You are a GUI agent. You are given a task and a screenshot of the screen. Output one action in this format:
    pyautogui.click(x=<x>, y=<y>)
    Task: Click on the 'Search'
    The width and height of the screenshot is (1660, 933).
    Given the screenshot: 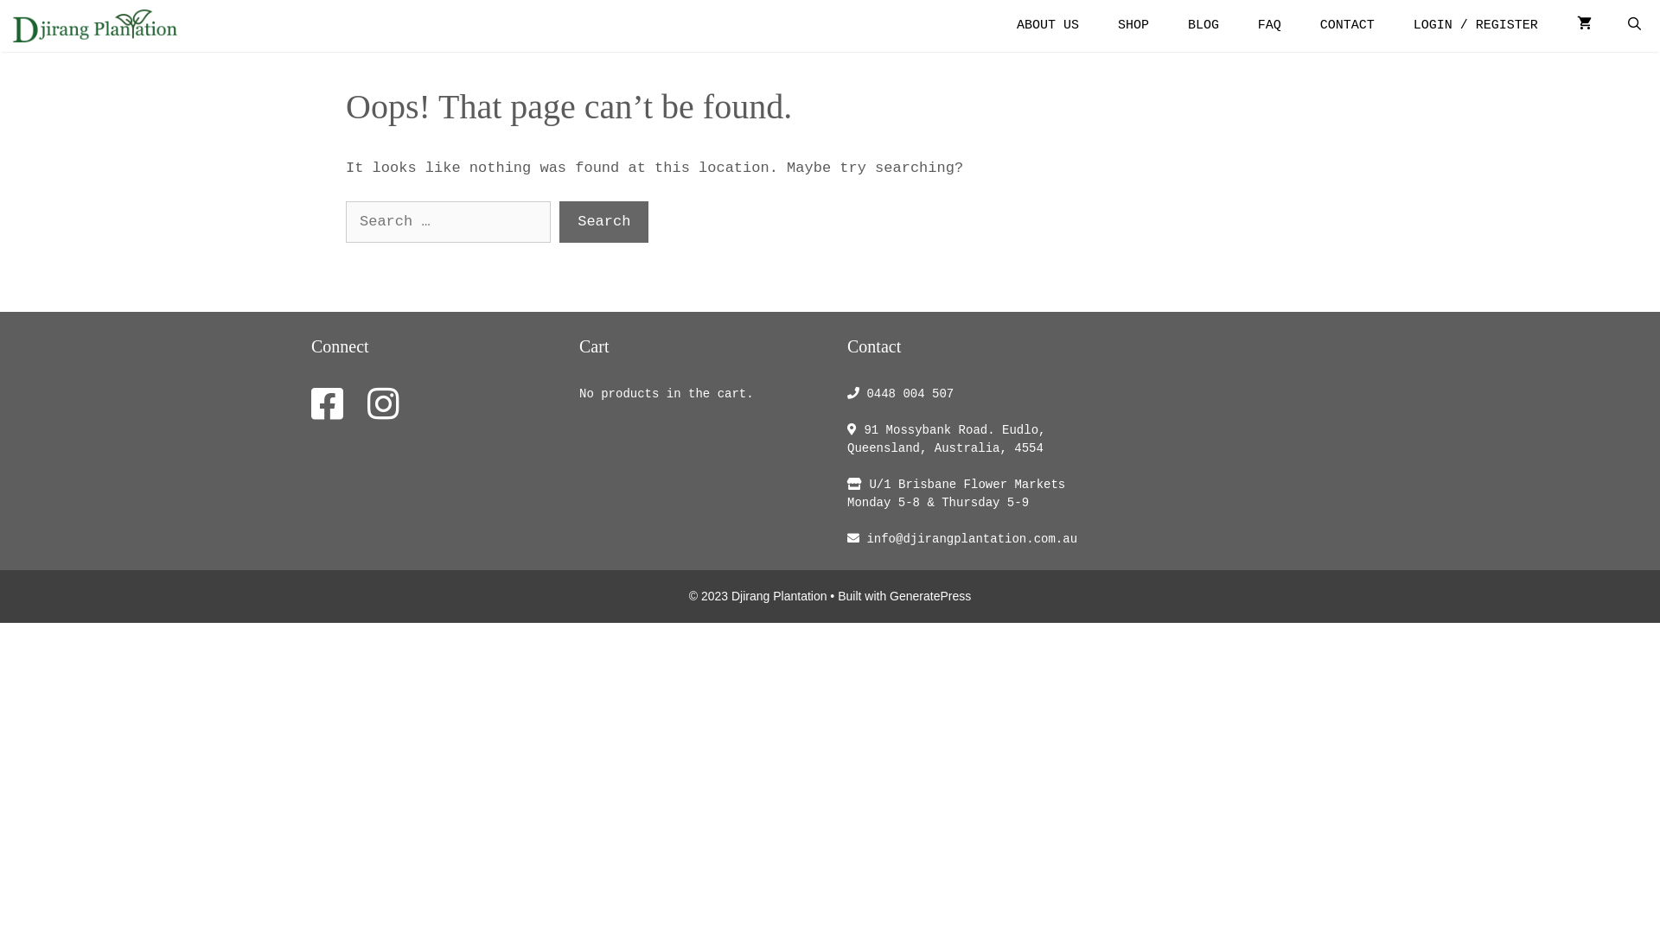 What is the action you would take?
    pyautogui.click(x=603, y=221)
    